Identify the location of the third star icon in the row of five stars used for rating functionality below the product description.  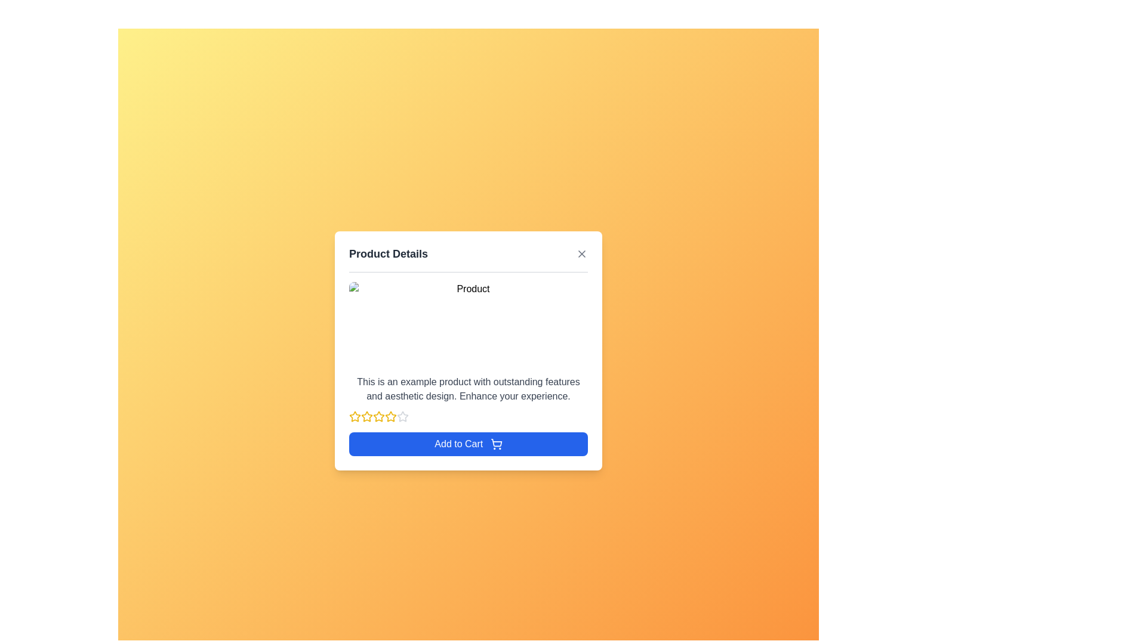
(378, 416).